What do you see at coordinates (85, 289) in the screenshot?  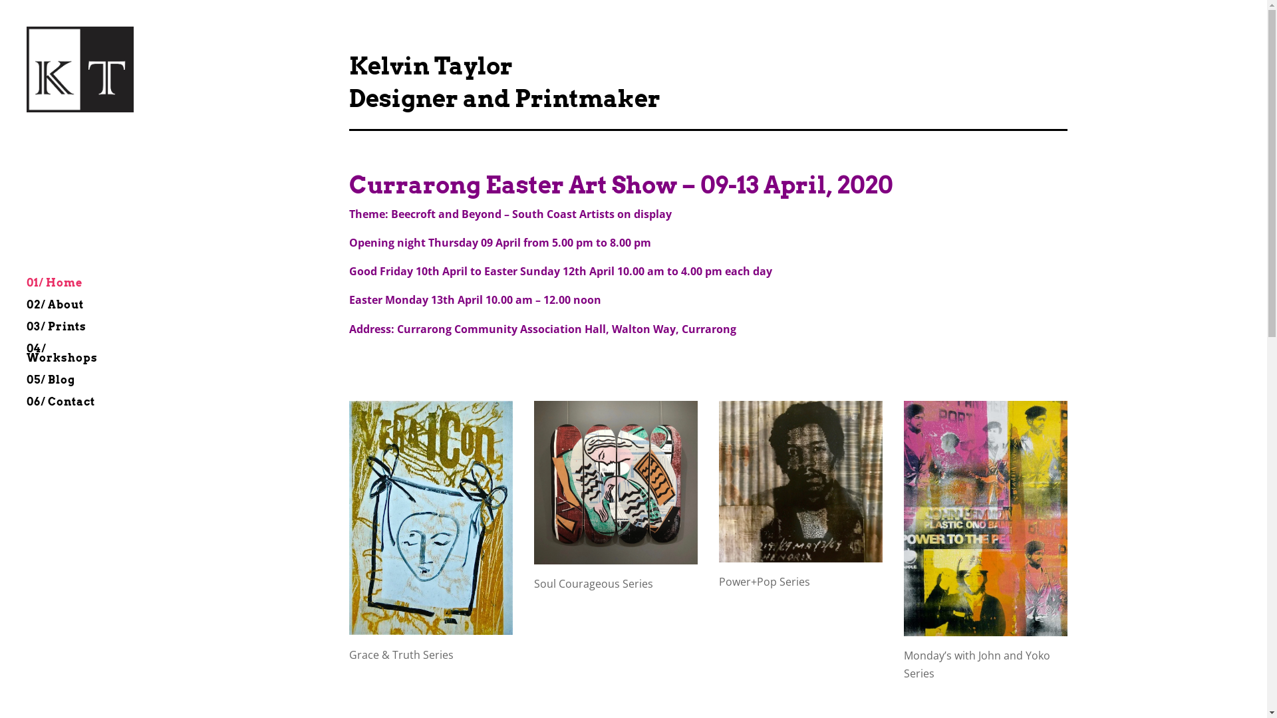 I see `'01/ Home'` at bounding box center [85, 289].